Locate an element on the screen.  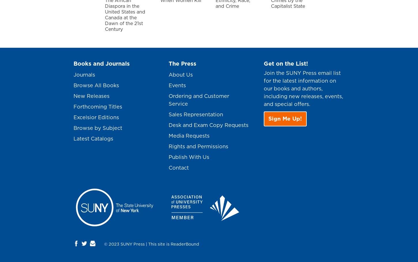
'Desk and Exam Copy Requests' is located at coordinates (208, 125).